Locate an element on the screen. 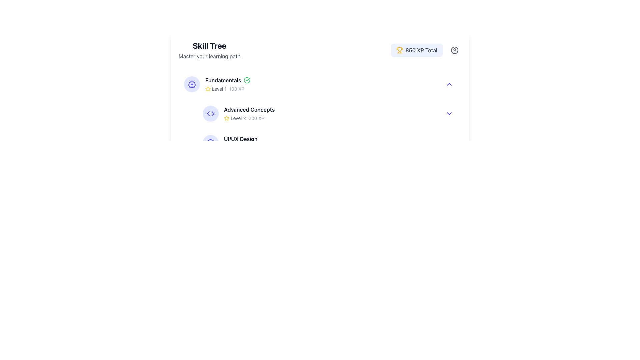  the status of the completion icon located to the immediate right of the 'Fundamentals' text in the 'Skill Tree' section is located at coordinates (247, 80).